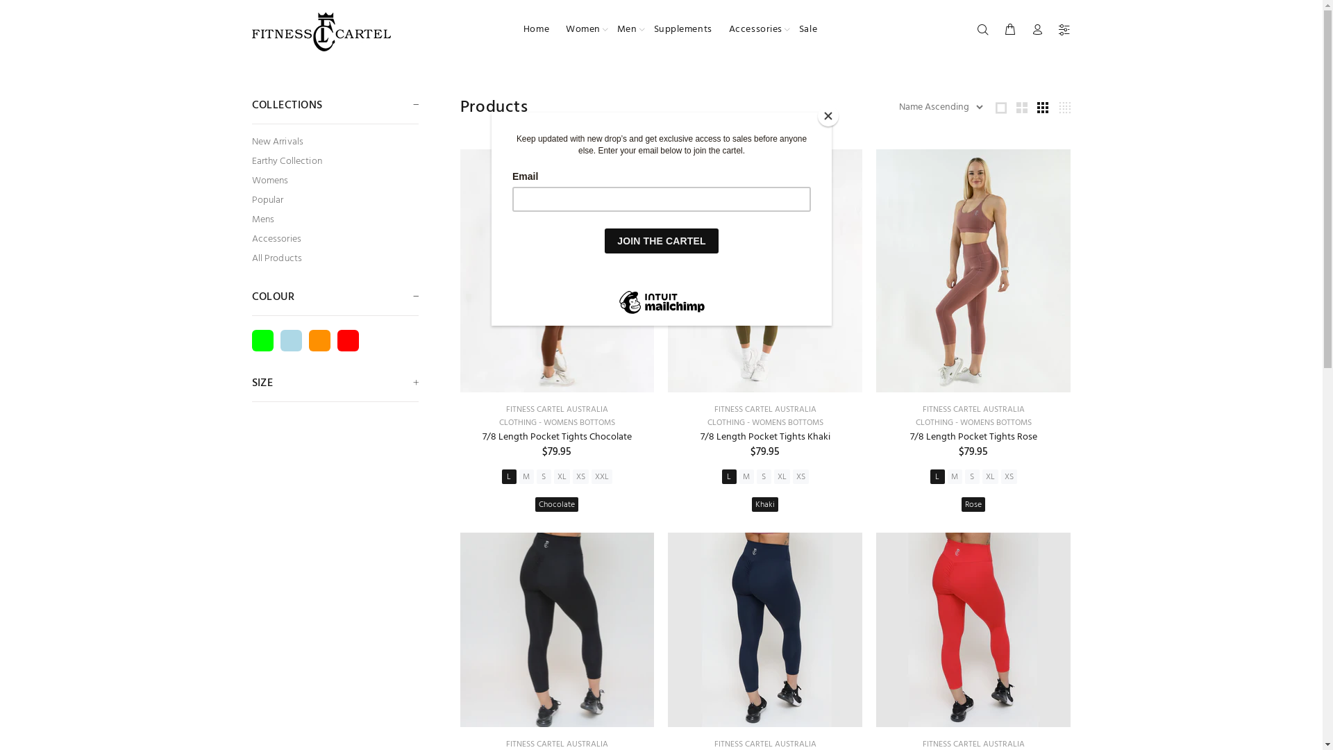  Describe the element at coordinates (337, 340) in the screenshot. I see `'Red'` at that location.